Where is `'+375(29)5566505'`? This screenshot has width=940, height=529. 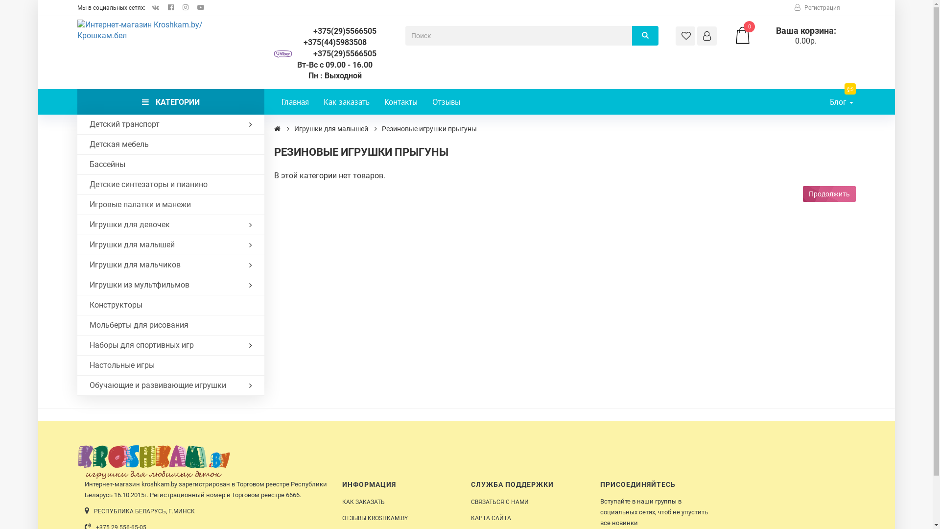 '+375(29)5566505' is located at coordinates (335, 31).